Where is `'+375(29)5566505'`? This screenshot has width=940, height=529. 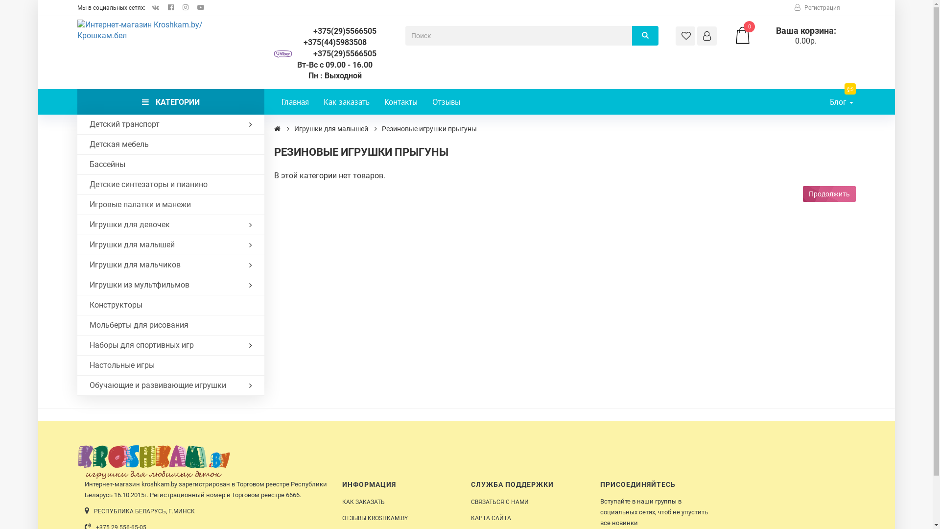 '+375(29)5566505' is located at coordinates (335, 31).